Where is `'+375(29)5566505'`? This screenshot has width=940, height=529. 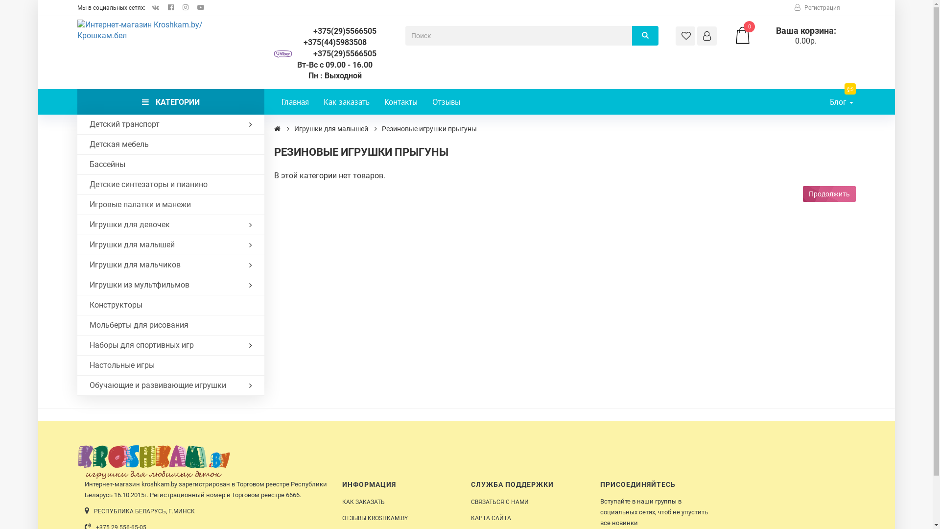 '+375(29)5566505' is located at coordinates (335, 31).